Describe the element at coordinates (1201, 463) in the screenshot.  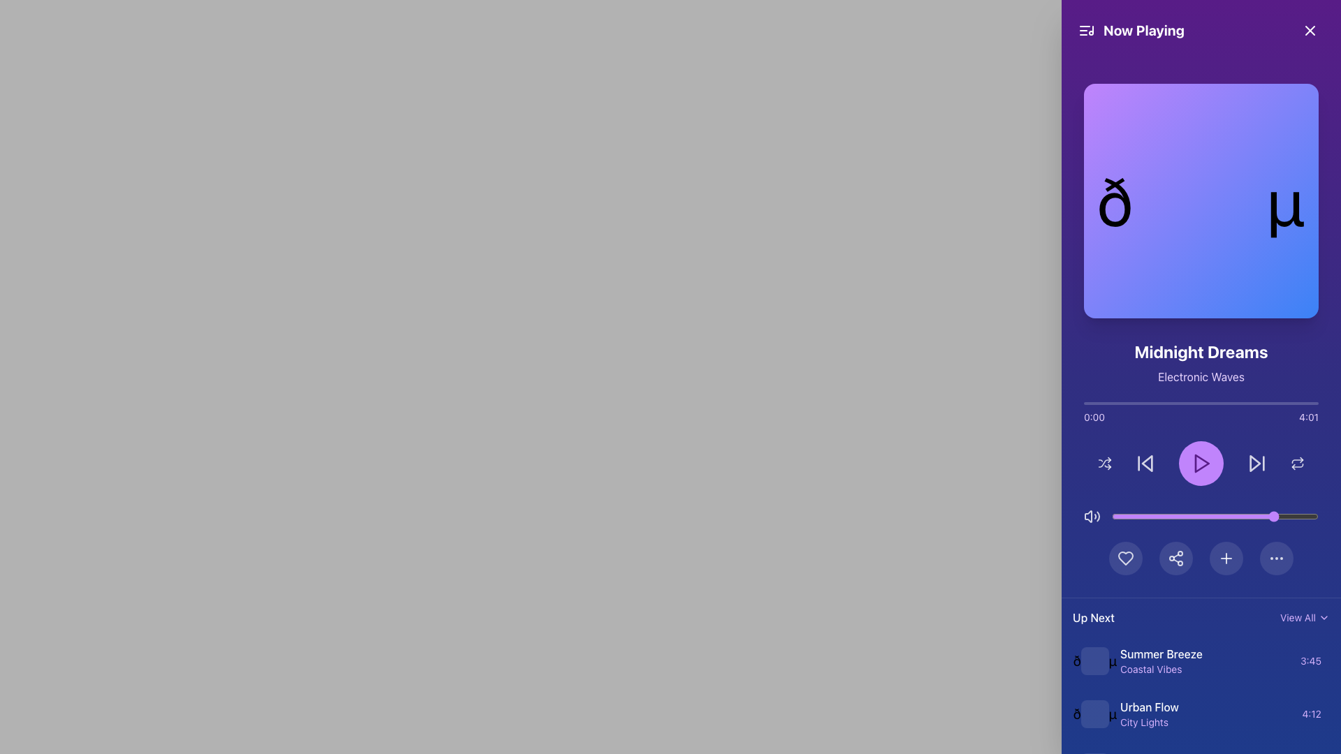
I see `the play button located at the bottom-center of the interface` at that location.